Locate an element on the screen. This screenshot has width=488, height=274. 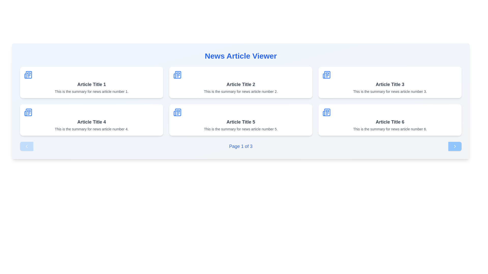
the decorative icon located at the top-left corner of the card labeled 'Article Title 3' in the 'News Article Viewer' interface, which is positioned in the top row, third column of the grid layout is located at coordinates (327, 75).